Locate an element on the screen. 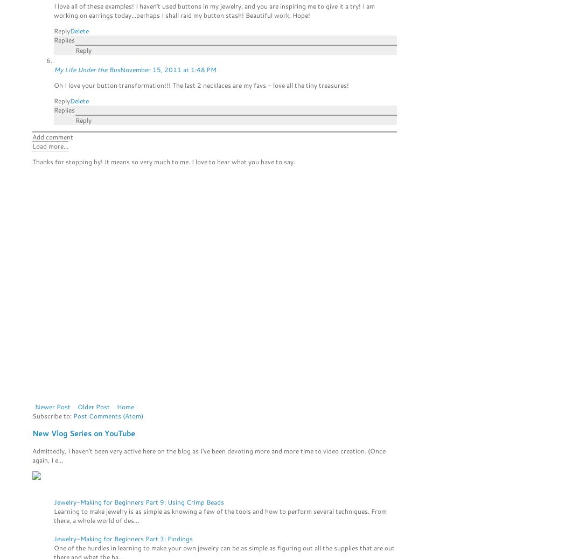 The image size is (579, 559). 'Jewelry-Making for Beginners Part 3: Findings' is located at coordinates (122, 539).